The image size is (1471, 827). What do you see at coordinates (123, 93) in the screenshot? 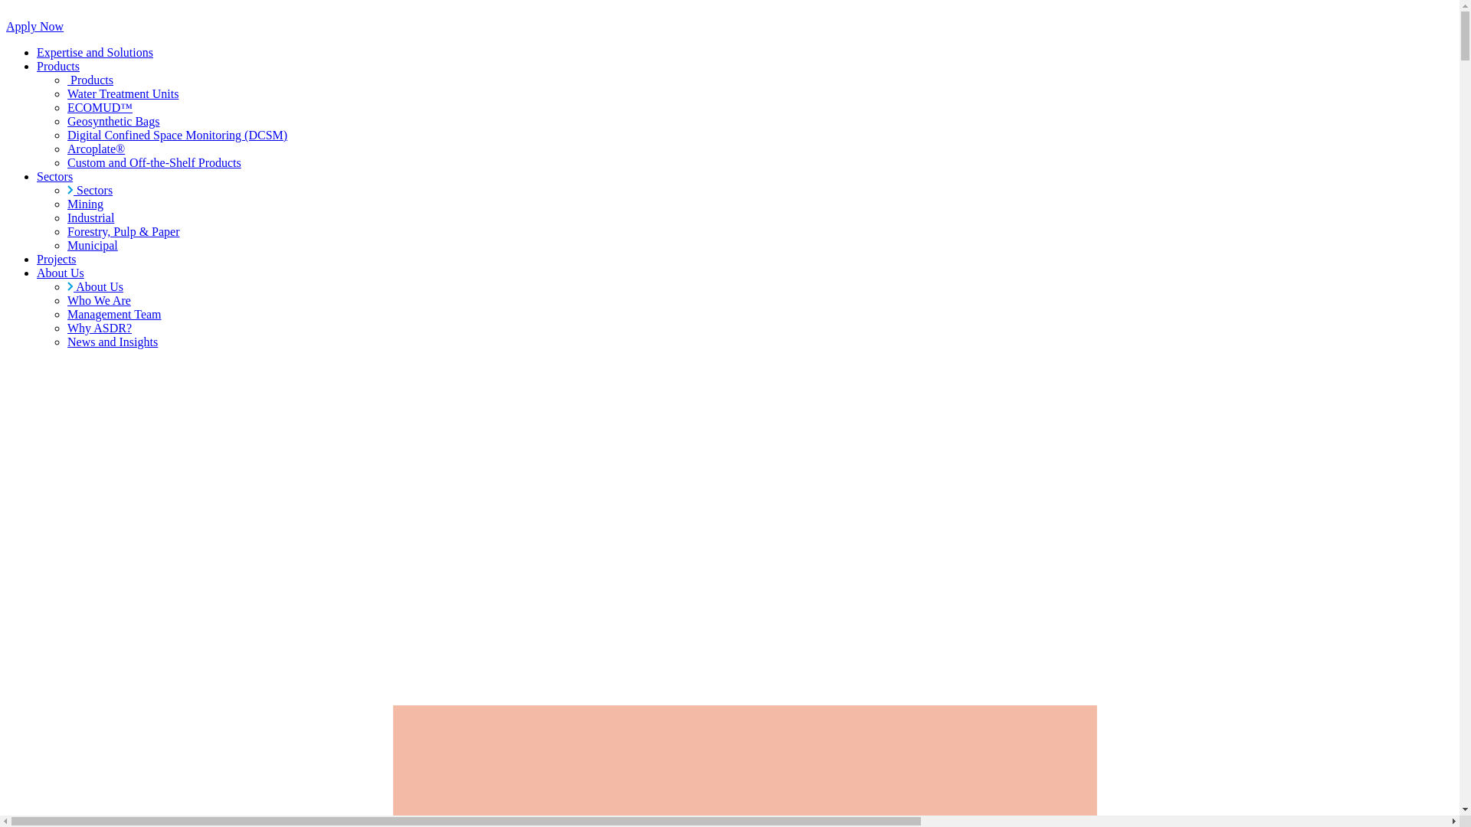
I see `'Water Treatment Units'` at bounding box center [123, 93].